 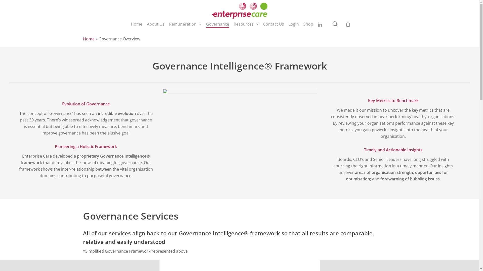 What do you see at coordinates (89, 38) in the screenshot?
I see `'Home'` at bounding box center [89, 38].